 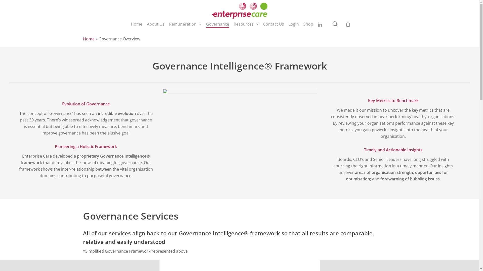 What do you see at coordinates (89, 38) in the screenshot?
I see `'Home'` at bounding box center [89, 38].